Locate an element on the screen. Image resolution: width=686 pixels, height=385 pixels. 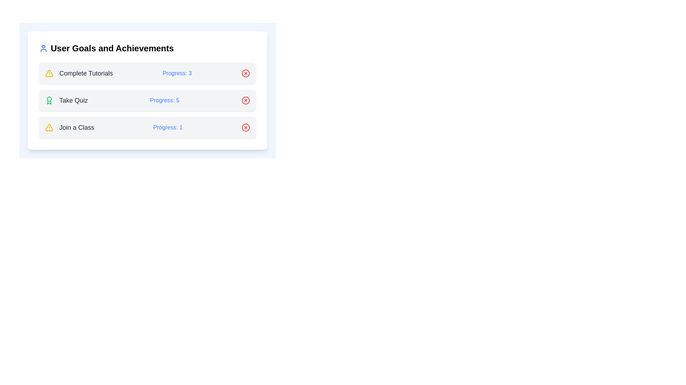
the 'Join a Class' text label with the yellow triangular warning icon located in the third row of user goals and achievements is located at coordinates (70, 127).